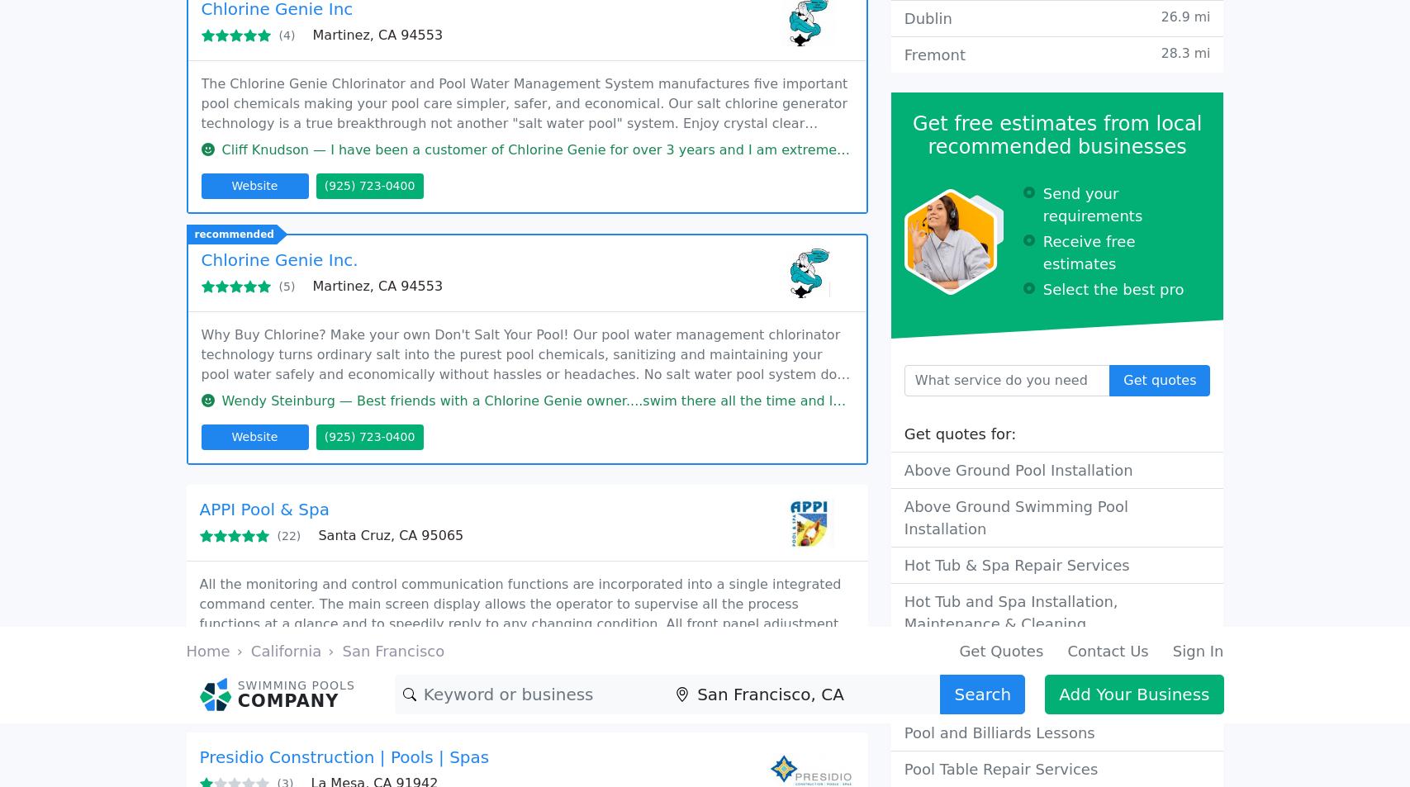 Image resolution: width=1410 pixels, height=787 pixels. What do you see at coordinates (681, 396) in the screenshot?
I see `'Kris Duff — Anthony put our pool in a few years ago and he did an ok job. We did have a few issues such as we found a lot of gunite hidden'` at bounding box center [681, 396].